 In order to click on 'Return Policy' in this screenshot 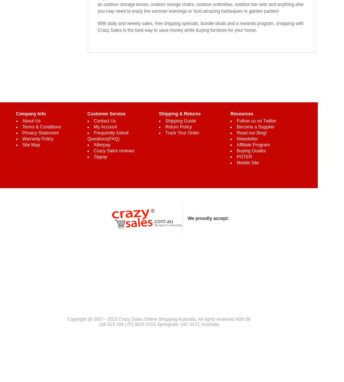, I will do `click(178, 127)`.